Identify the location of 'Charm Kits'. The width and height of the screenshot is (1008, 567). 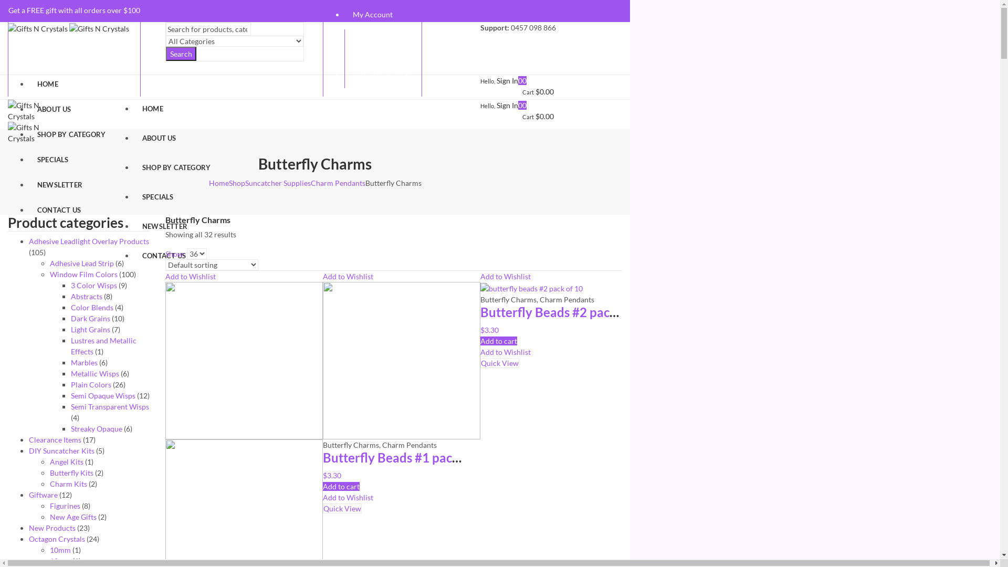
(68, 484).